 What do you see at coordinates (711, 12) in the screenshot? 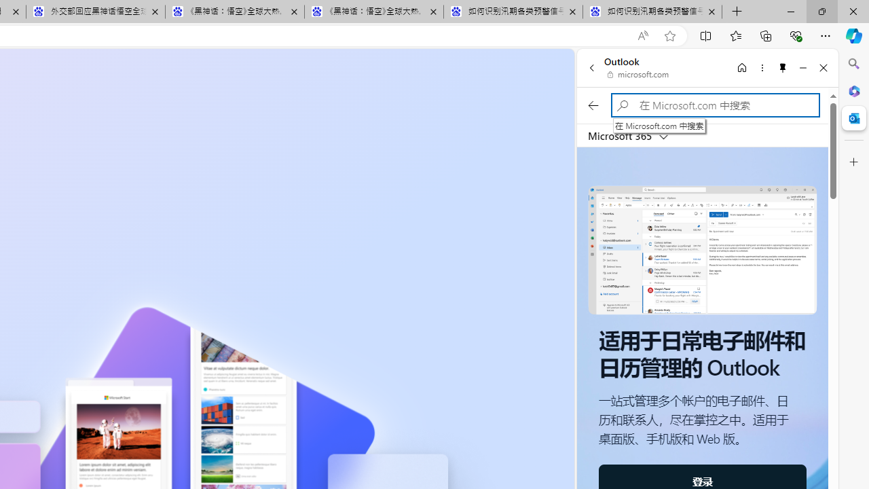
I see `'Close tab'` at bounding box center [711, 12].